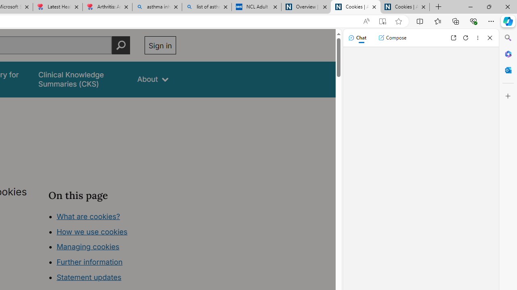  What do you see at coordinates (88, 246) in the screenshot?
I see `'Managing cookies'` at bounding box center [88, 246].